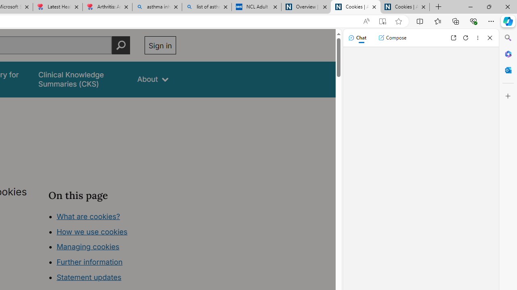  What do you see at coordinates (88, 246) in the screenshot?
I see `'Managing cookies'` at bounding box center [88, 246].